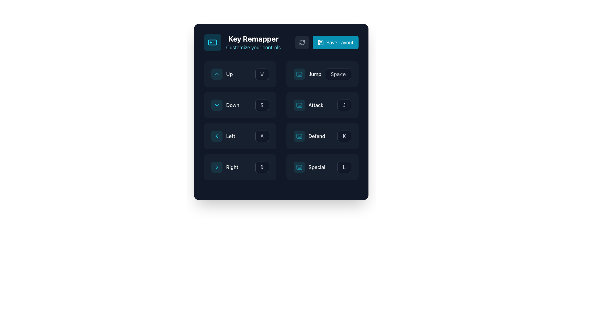 Image resolution: width=595 pixels, height=335 pixels. Describe the element at coordinates (316, 105) in the screenshot. I see `the 'attack' text label displayed in white on a dark background, located within the control customization panel in the 'Jump' and 'Defend' row` at that location.